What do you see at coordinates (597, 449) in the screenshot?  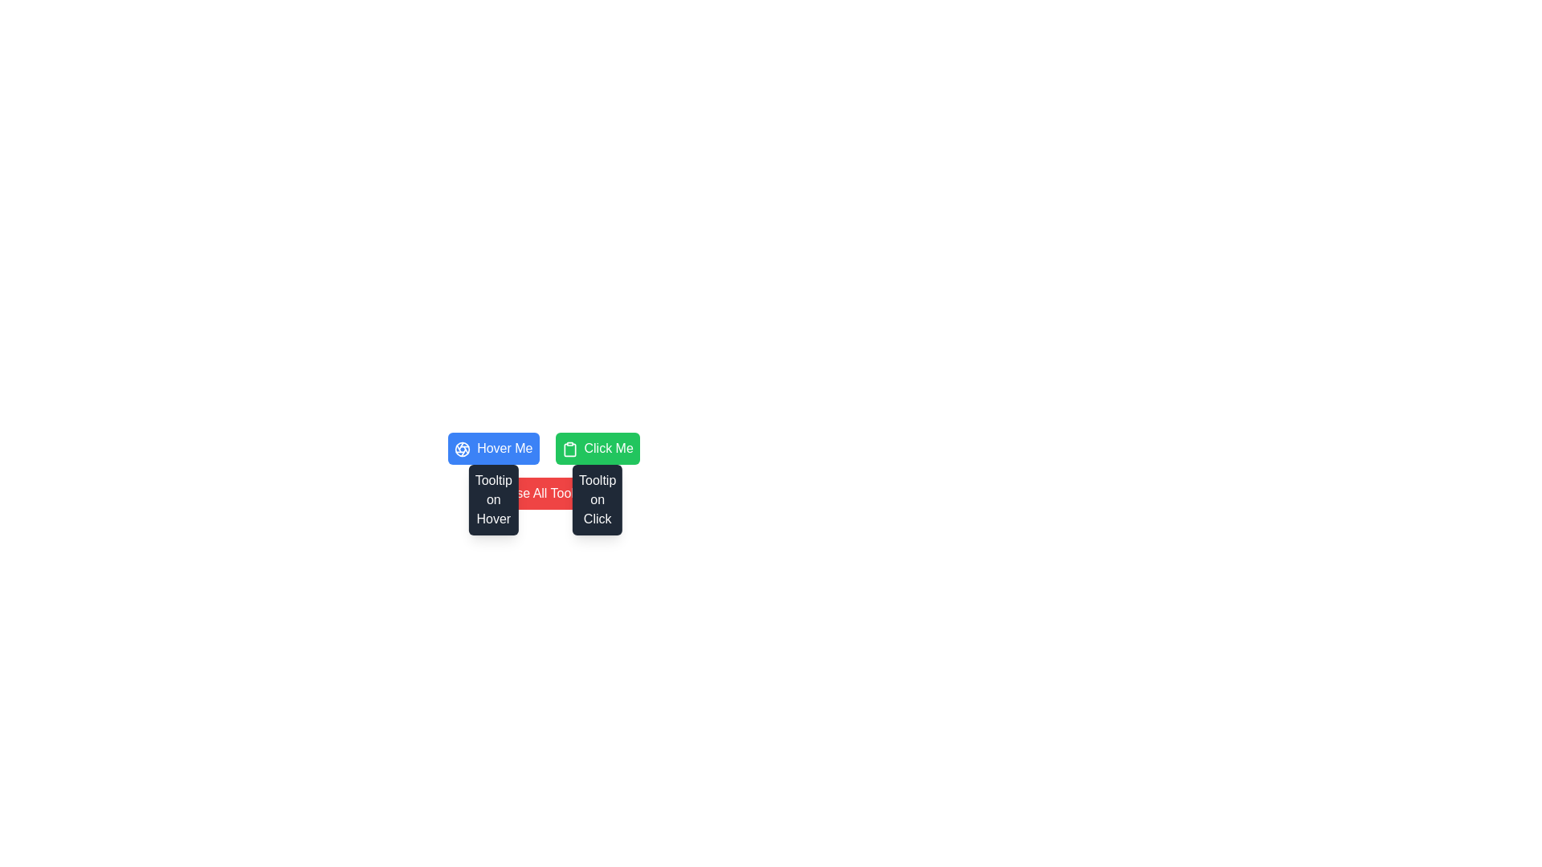 I see `the green button labeled 'Click Me' with a clipboard icon to focus on it` at bounding box center [597, 449].